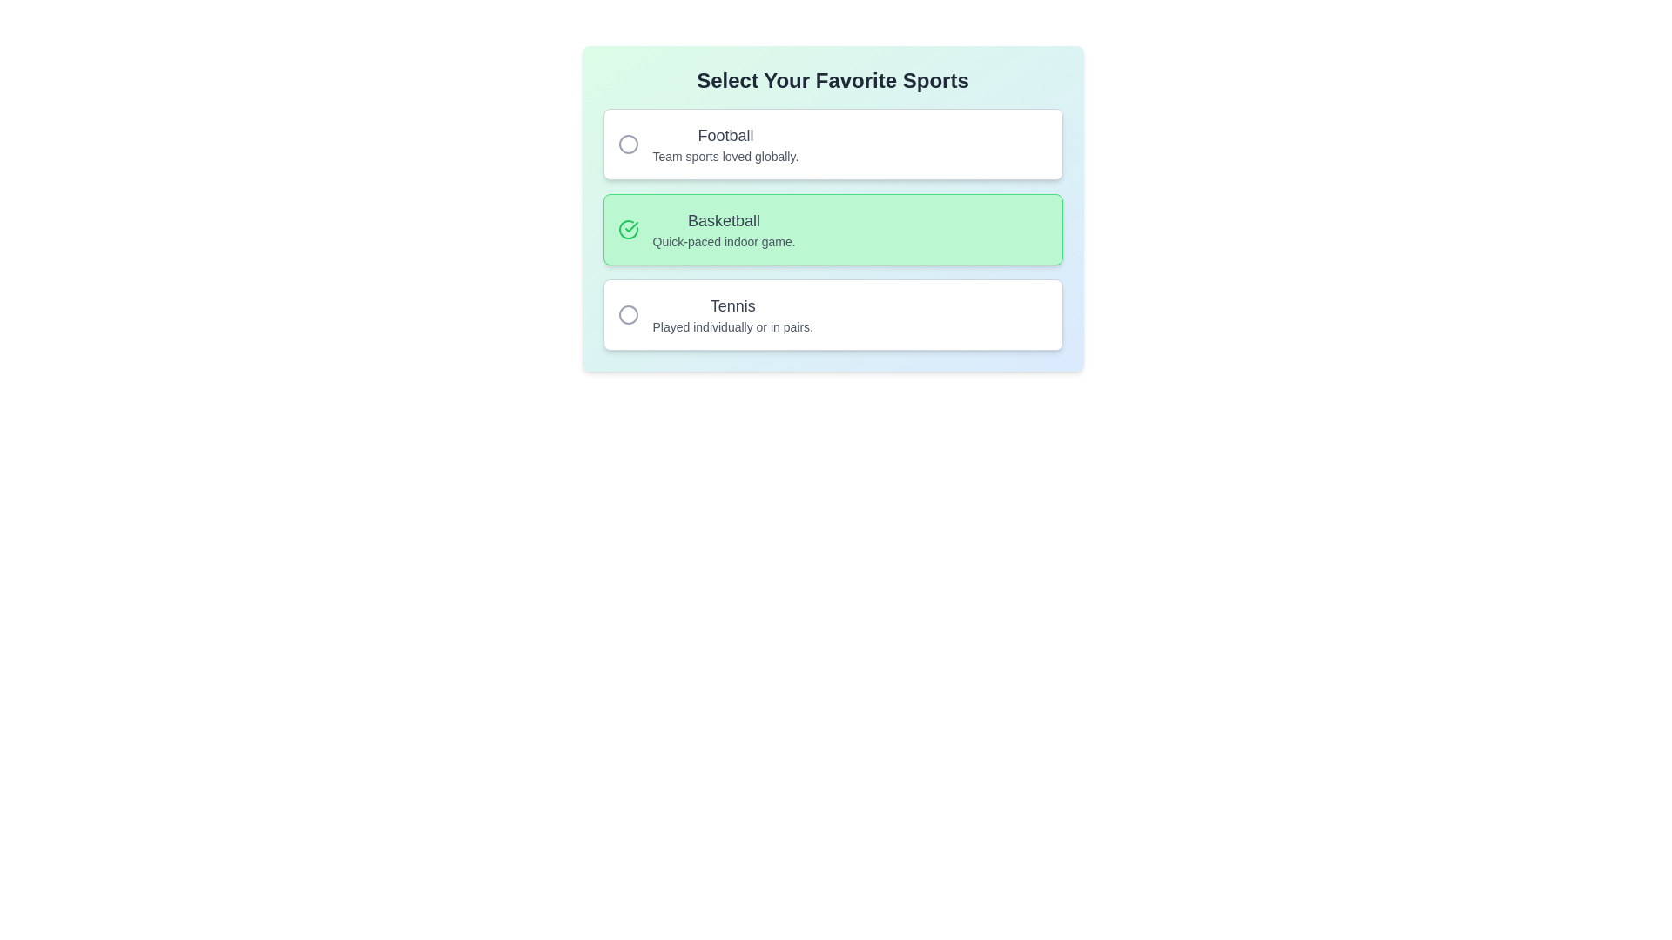 Image resolution: width=1672 pixels, height=940 pixels. What do you see at coordinates (627, 228) in the screenshot?
I see `the outer circular portion of the SVG icon representing a checkmark symbol within the 'Basketball' selection box` at bounding box center [627, 228].